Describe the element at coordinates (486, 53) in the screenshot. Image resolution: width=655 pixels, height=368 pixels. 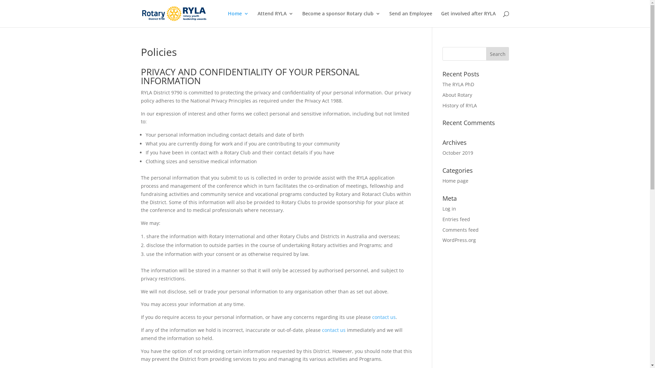
I see `'Search'` at that location.